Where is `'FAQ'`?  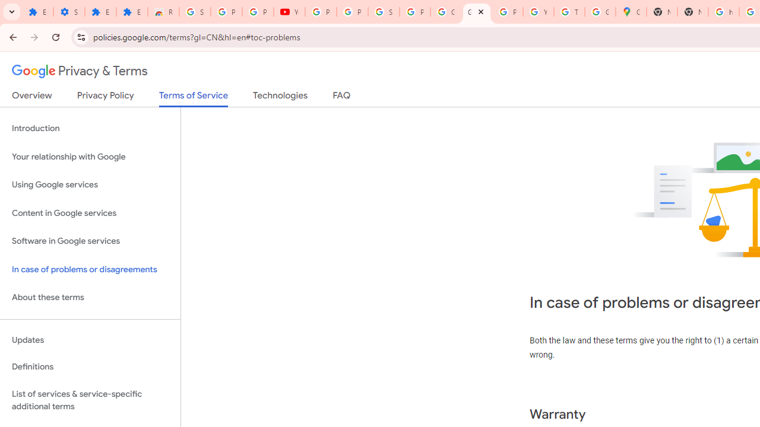 'FAQ' is located at coordinates (341, 97).